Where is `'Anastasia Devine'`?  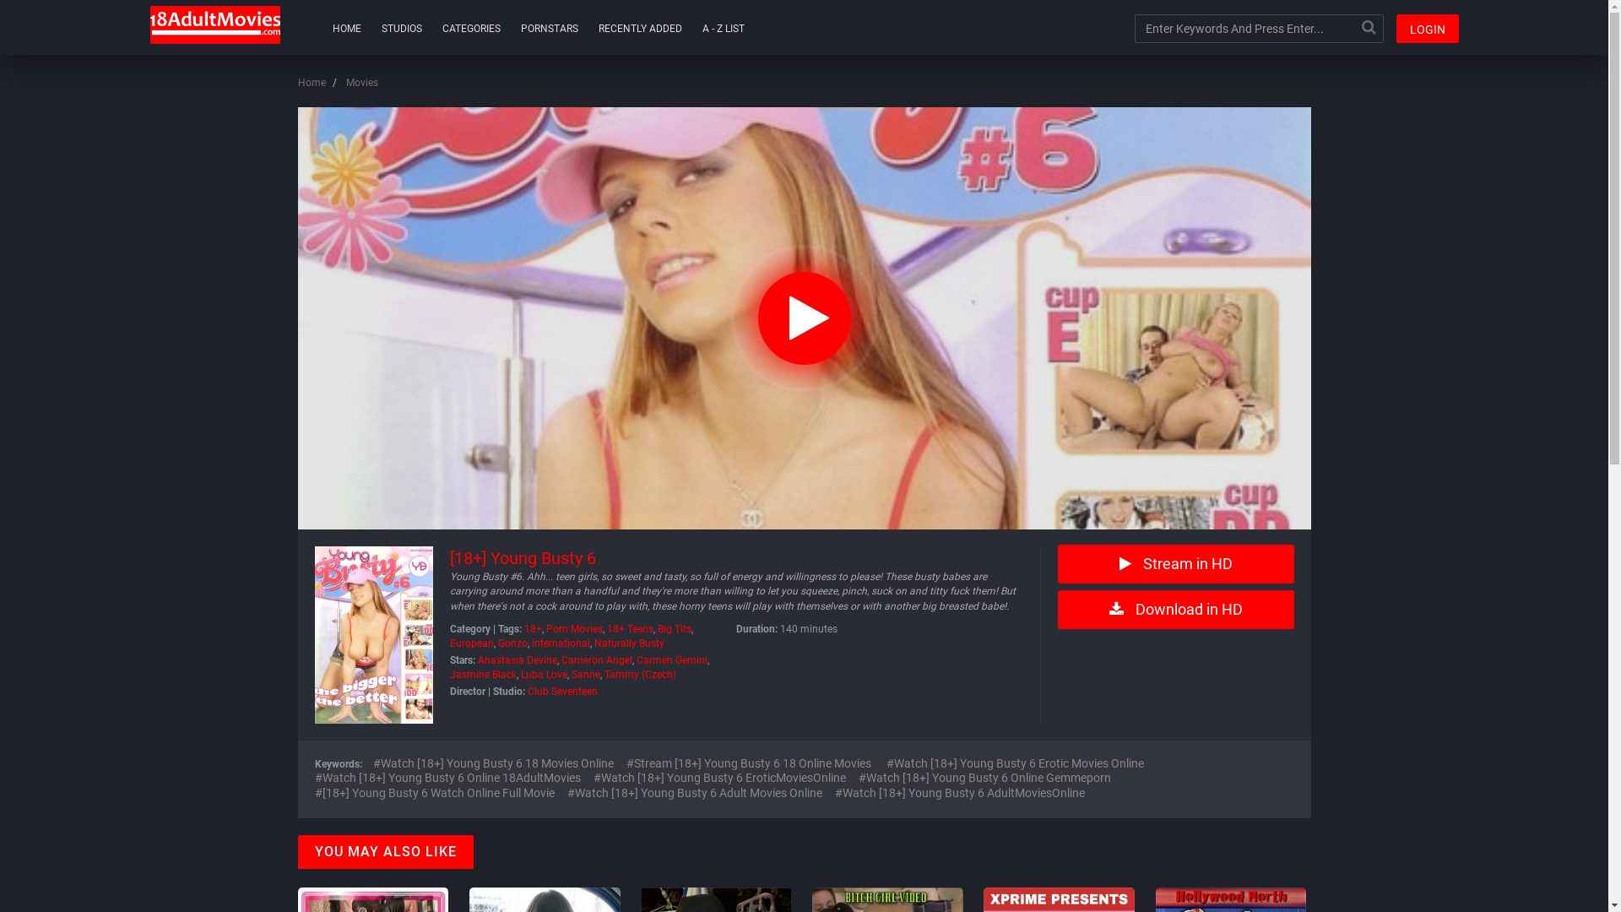
'Anastasia Devine' is located at coordinates (517, 660).